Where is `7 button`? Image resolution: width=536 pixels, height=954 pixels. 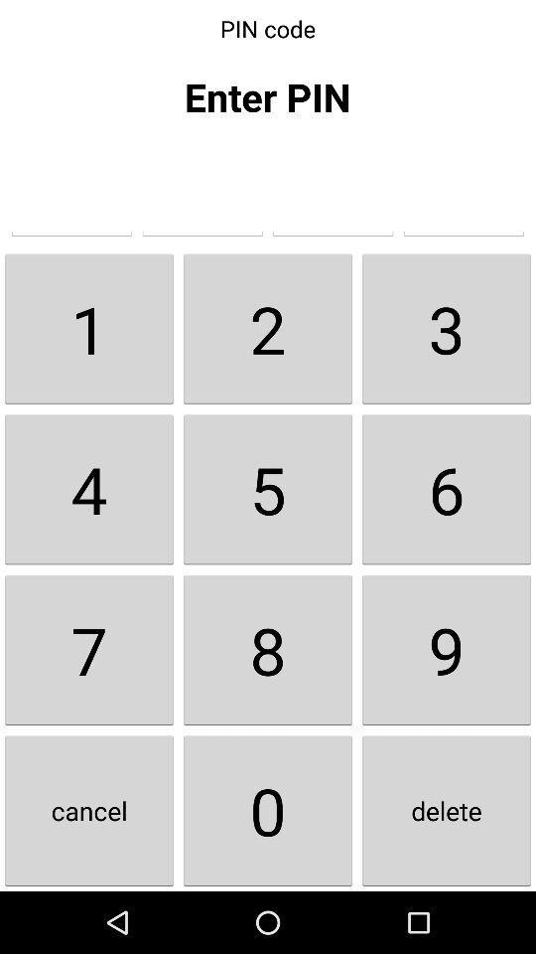
7 button is located at coordinates (88, 649).